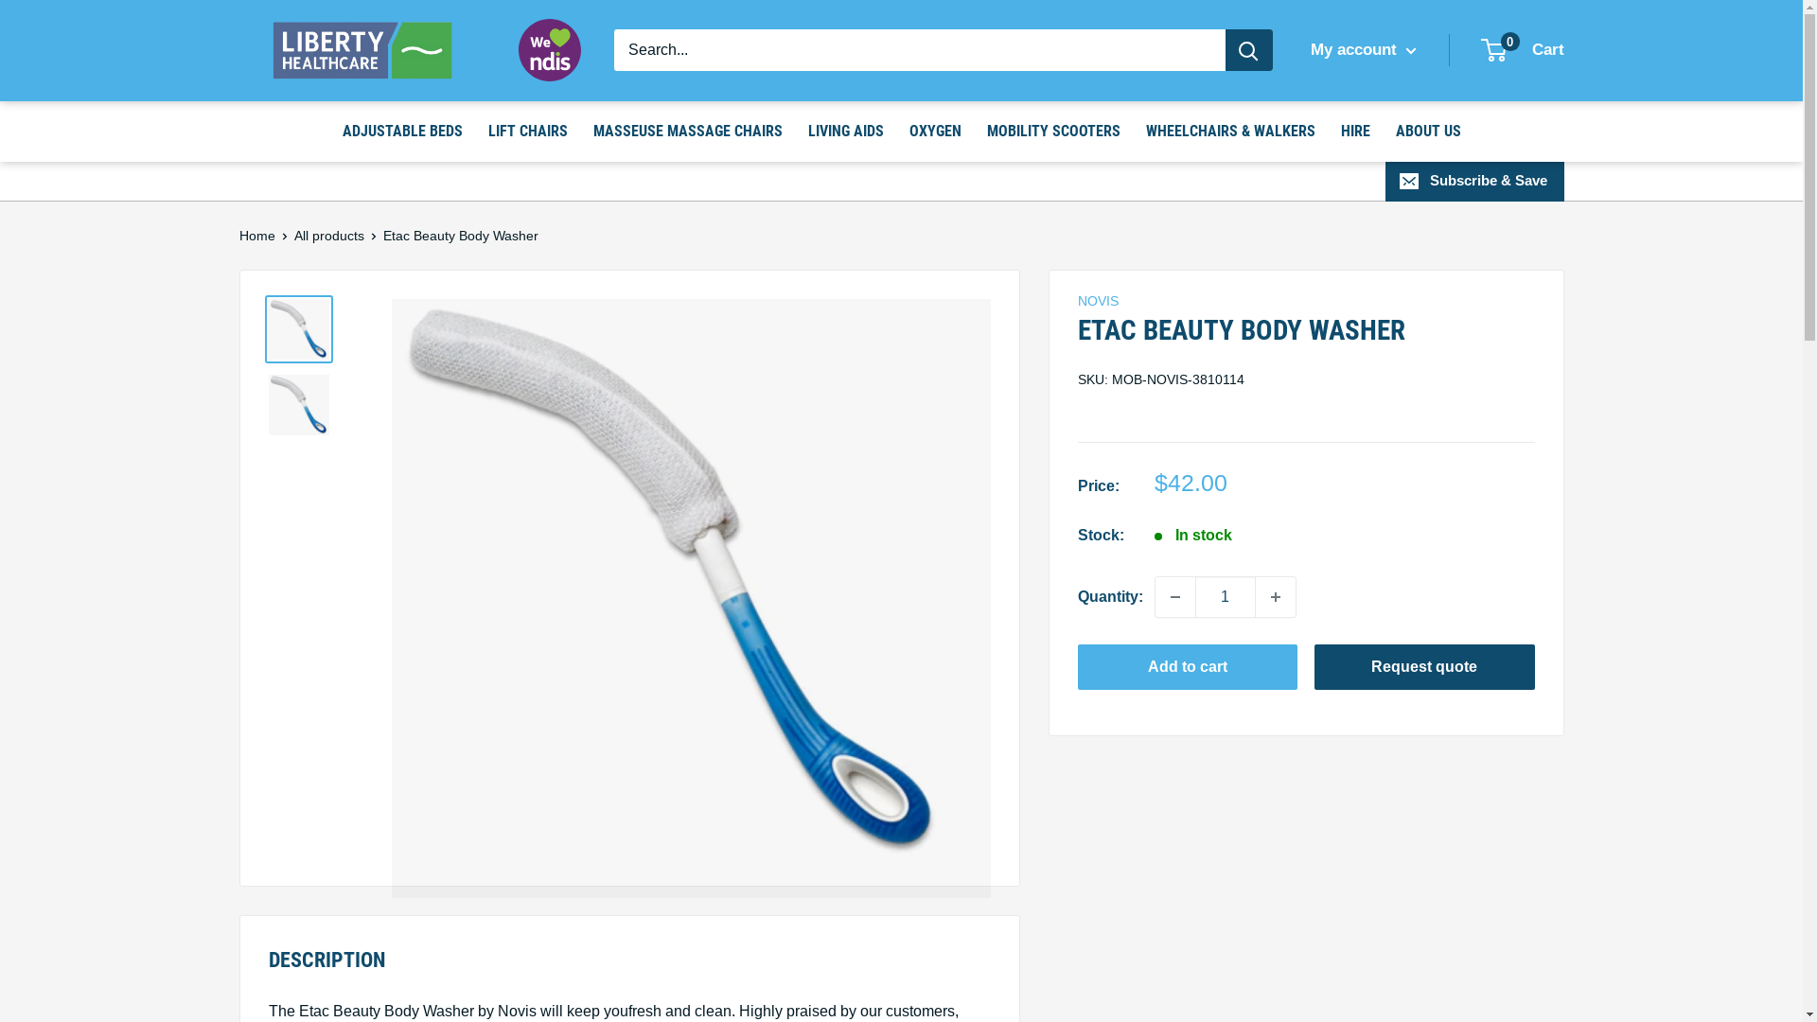 This screenshot has width=1817, height=1022. I want to click on 'MASSEUSE MASSAGE CHAIRS', so click(685, 130).